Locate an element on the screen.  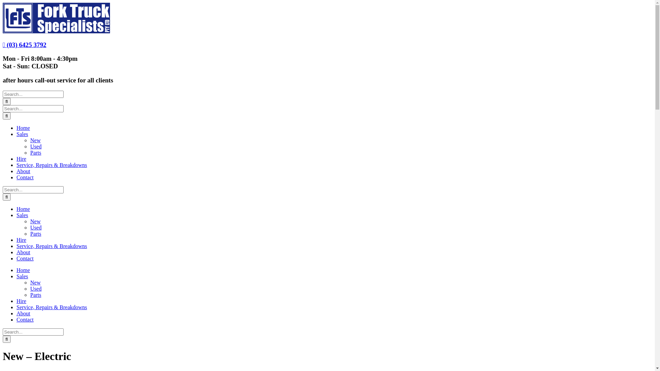
'Contact' is located at coordinates (25, 258).